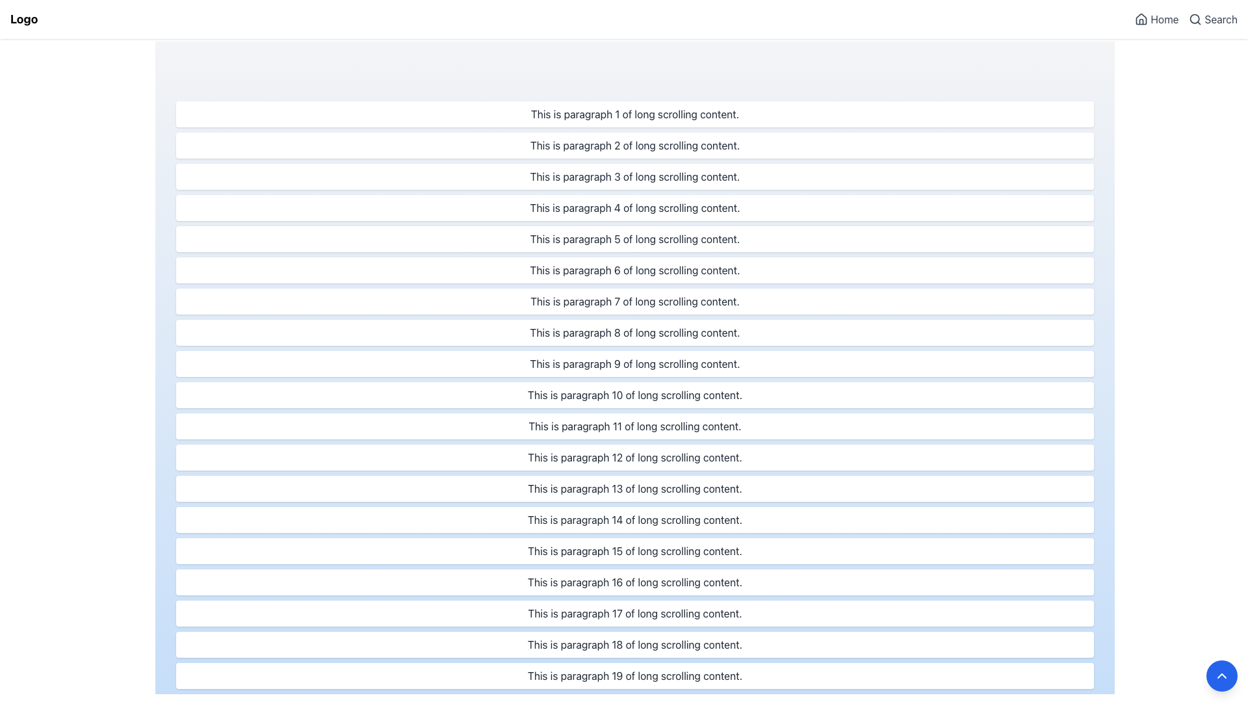 The width and height of the screenshot is (1248, 702). Describe the element at coordinates (635, 614) in the screenshot. I see `the text block that contains the centered text 'This is paragraph 17 of long scrolling content.'` at that location.